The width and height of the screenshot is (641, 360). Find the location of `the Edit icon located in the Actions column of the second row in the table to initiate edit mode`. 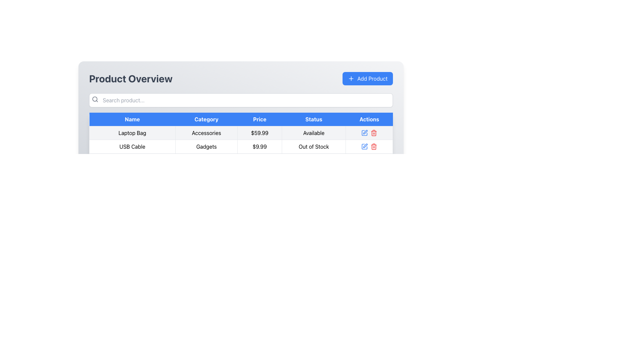

the Edit icon located in the Actions column of the second row in the table to initiate edit mode is located at coordinates (365, 132).